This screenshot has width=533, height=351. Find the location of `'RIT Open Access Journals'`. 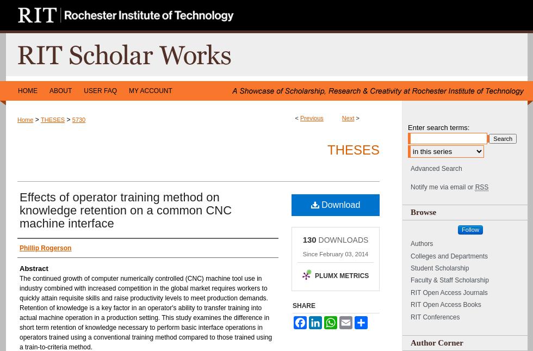

'RIT Open Access Journals' is located at coordinates (449, 292).